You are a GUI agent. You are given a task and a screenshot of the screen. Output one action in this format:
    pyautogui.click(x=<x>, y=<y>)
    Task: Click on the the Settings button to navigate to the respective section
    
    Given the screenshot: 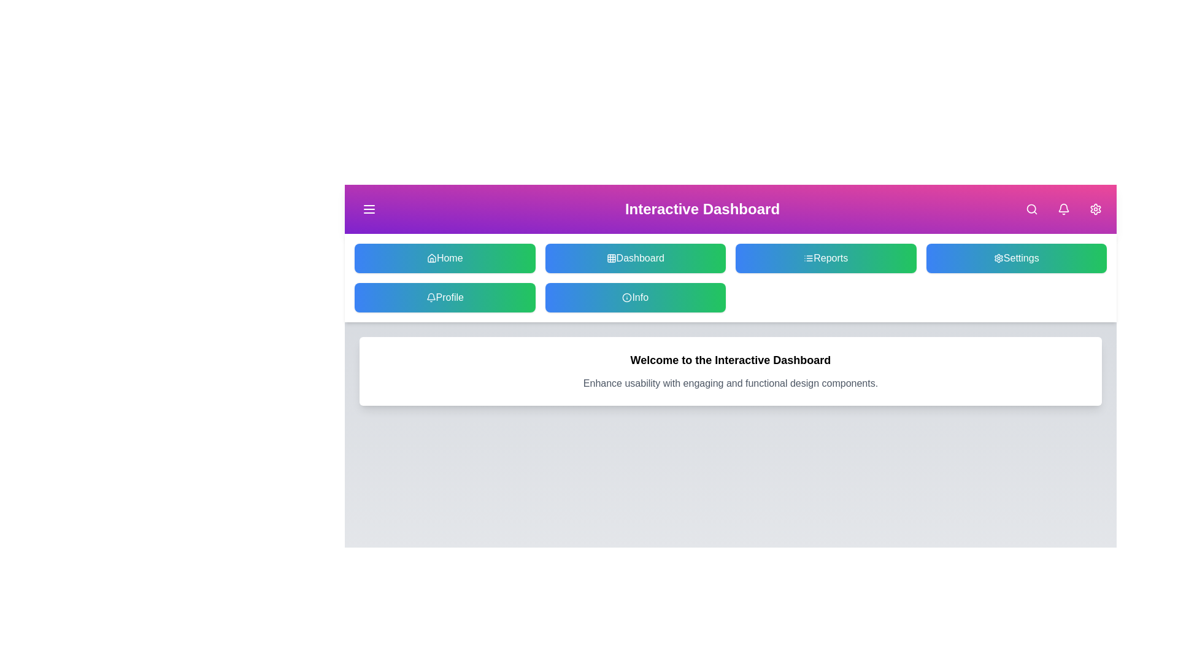 What is the action you would take?
    pyautogui.click(x=1016, y=257)
    